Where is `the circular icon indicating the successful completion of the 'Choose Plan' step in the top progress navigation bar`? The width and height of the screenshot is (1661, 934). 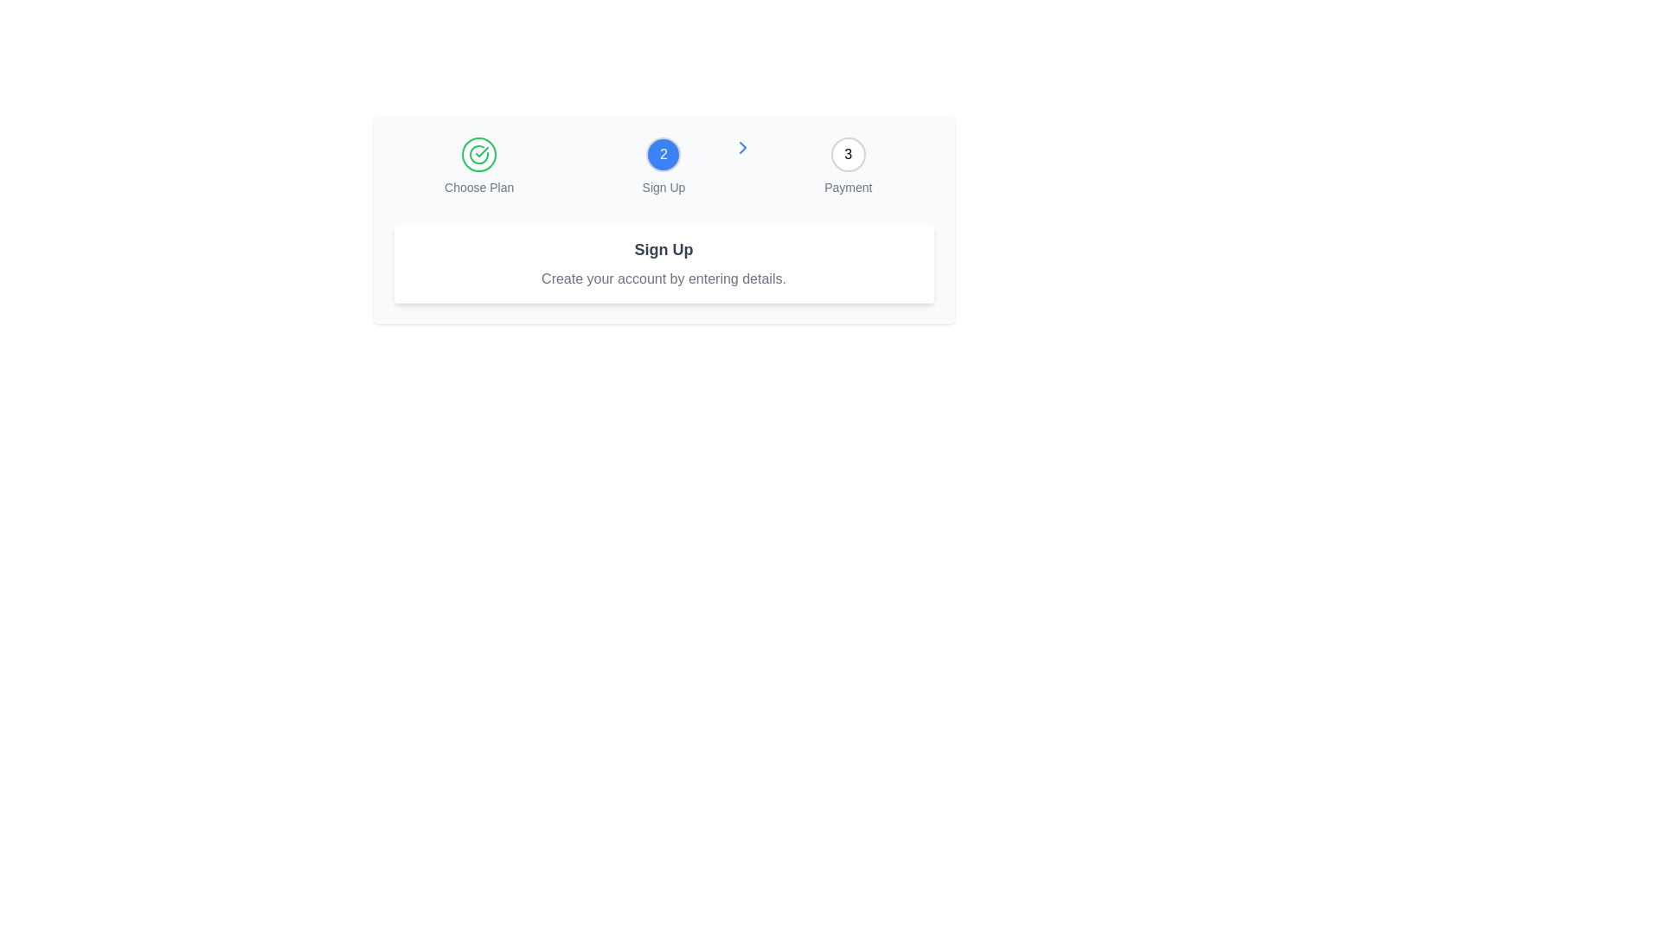 the circular icon indicating the successful completion of the 'Choose Plan' step in the top progress navigation bar is located at coordinates (479, 153).